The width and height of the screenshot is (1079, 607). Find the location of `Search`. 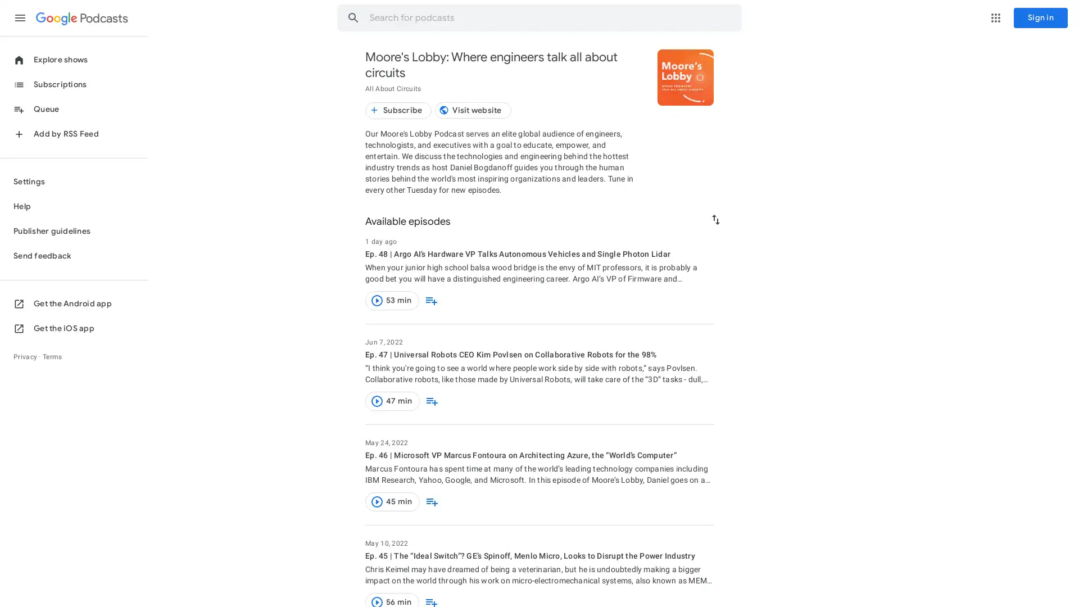

Search is located at coordinates (352, 17).